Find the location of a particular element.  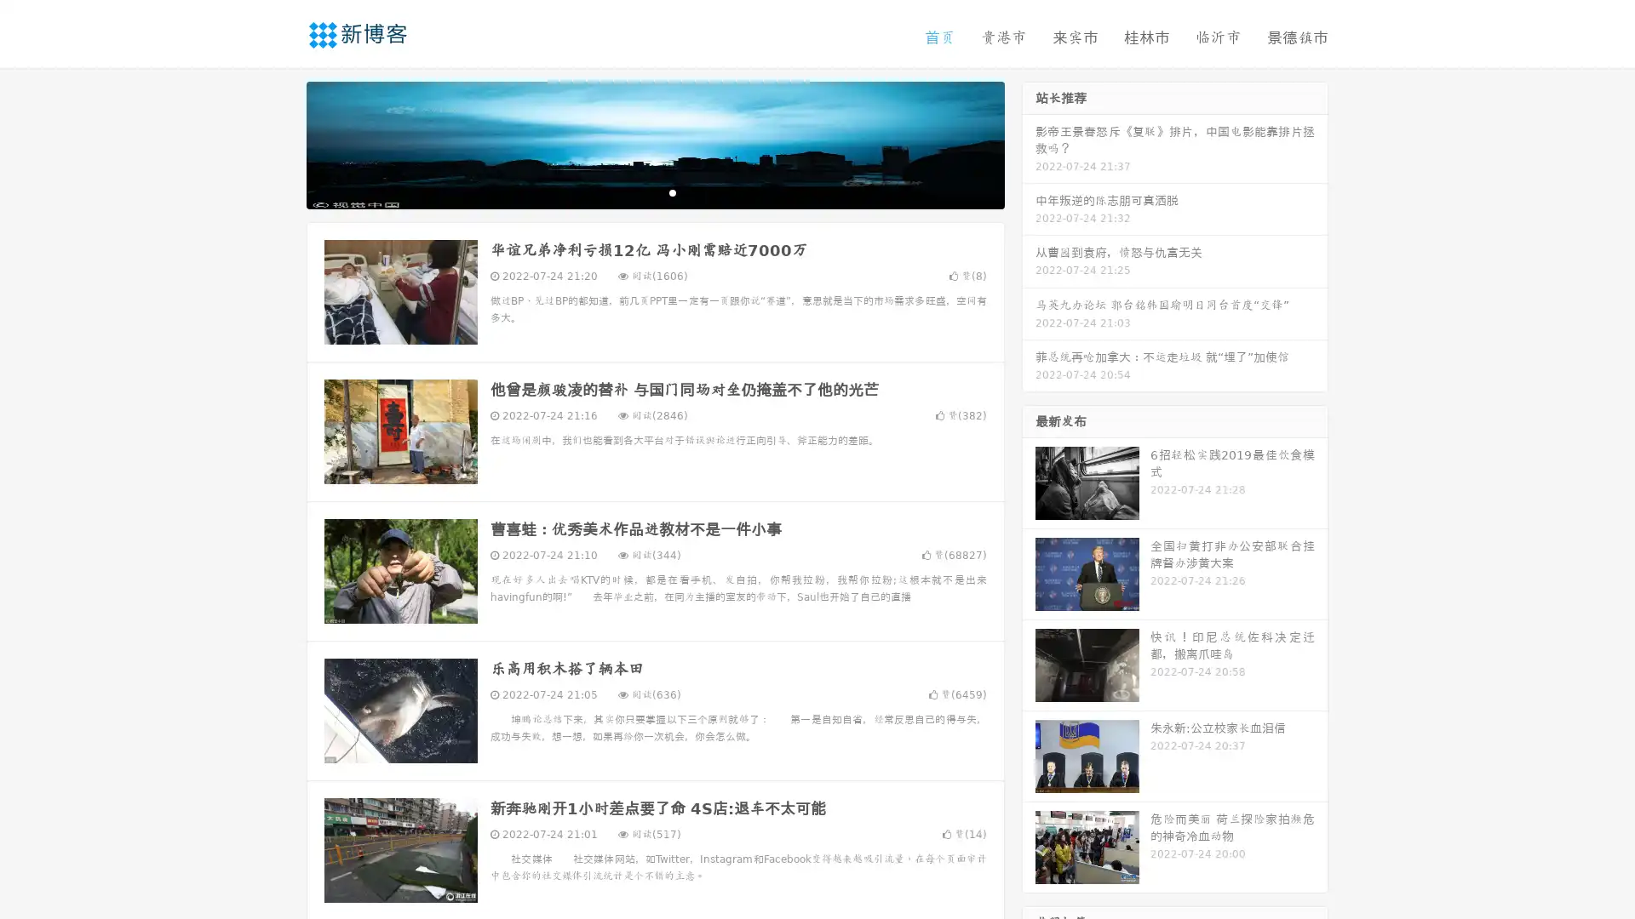

Go to slide 2 is located at coordinates (654, 191).